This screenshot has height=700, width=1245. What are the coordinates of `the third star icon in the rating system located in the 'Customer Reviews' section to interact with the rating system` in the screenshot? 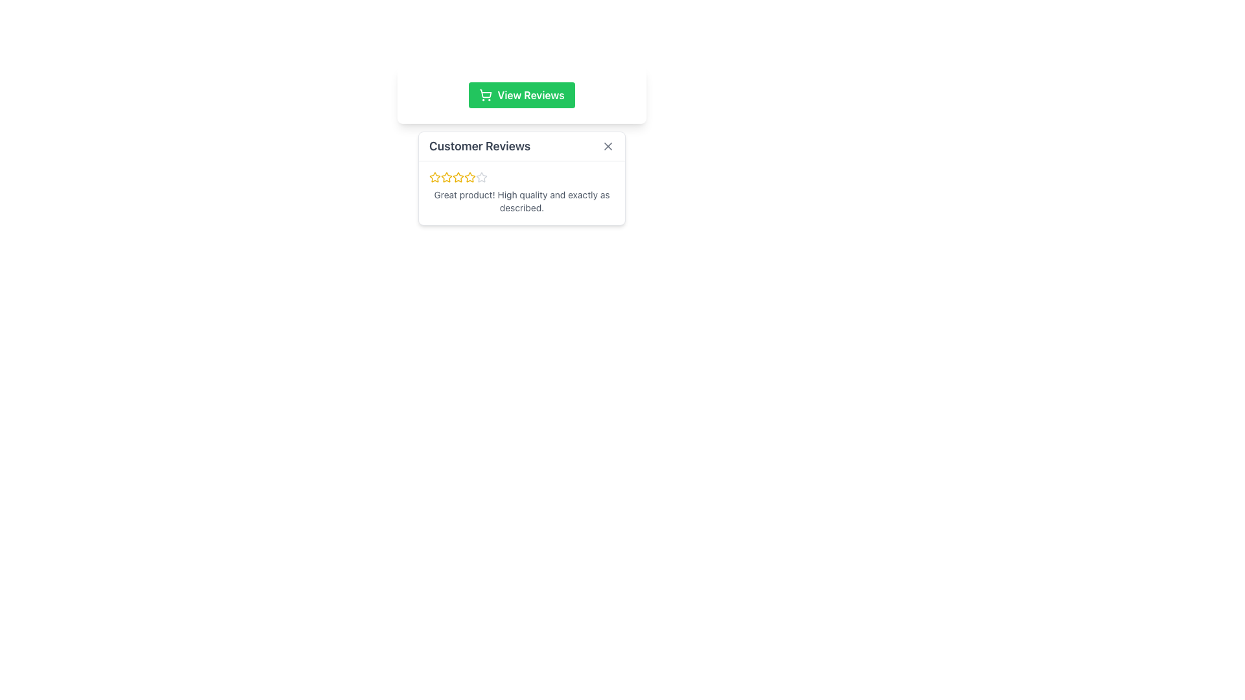 It's located at (445, 177).